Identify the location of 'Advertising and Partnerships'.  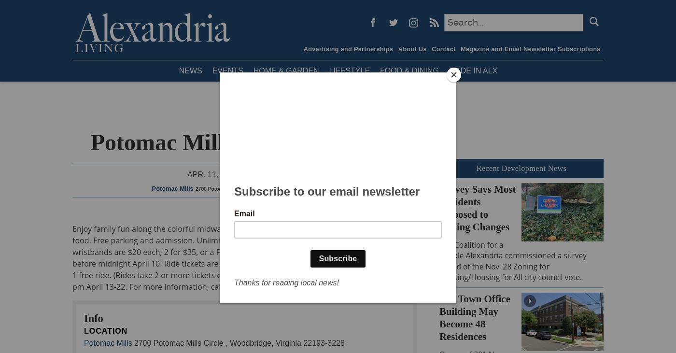
(348, 48).